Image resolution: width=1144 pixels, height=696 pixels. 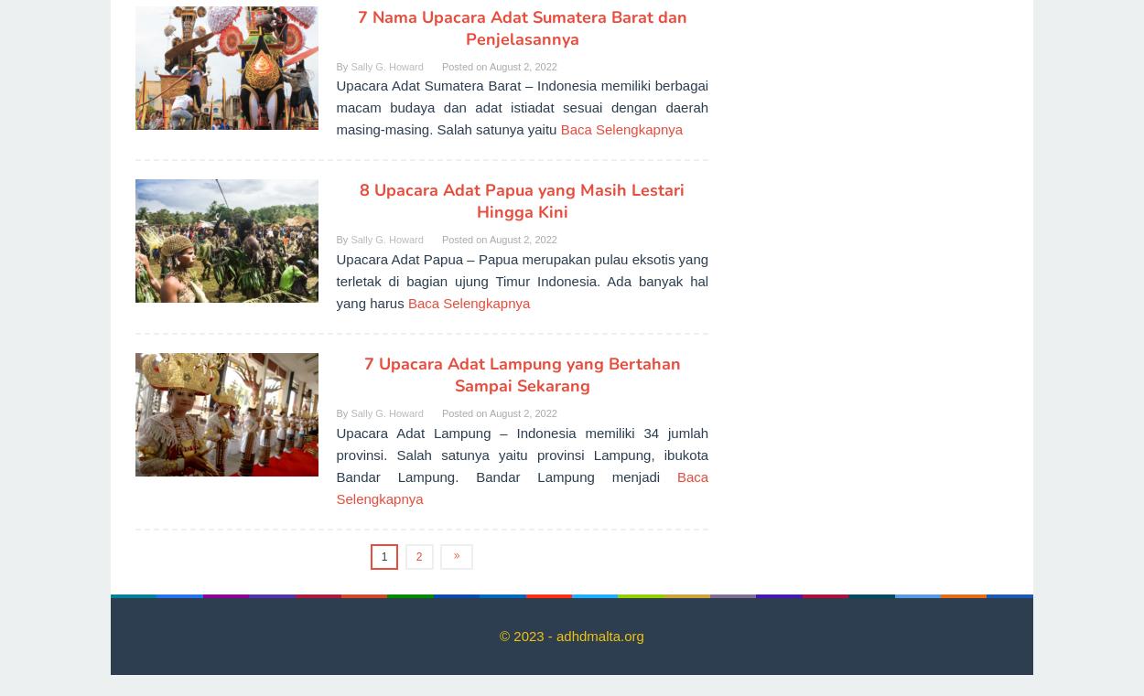 What do you see at coordinates (521, 279) in the screenshot?
I see `'Upacara Adat Papua – Papua merupakan pulau eksotis yang terletak di bagian ujung Timur Indonesia. Ada banyak hal yang harus'` at bounding box center [521, 279].